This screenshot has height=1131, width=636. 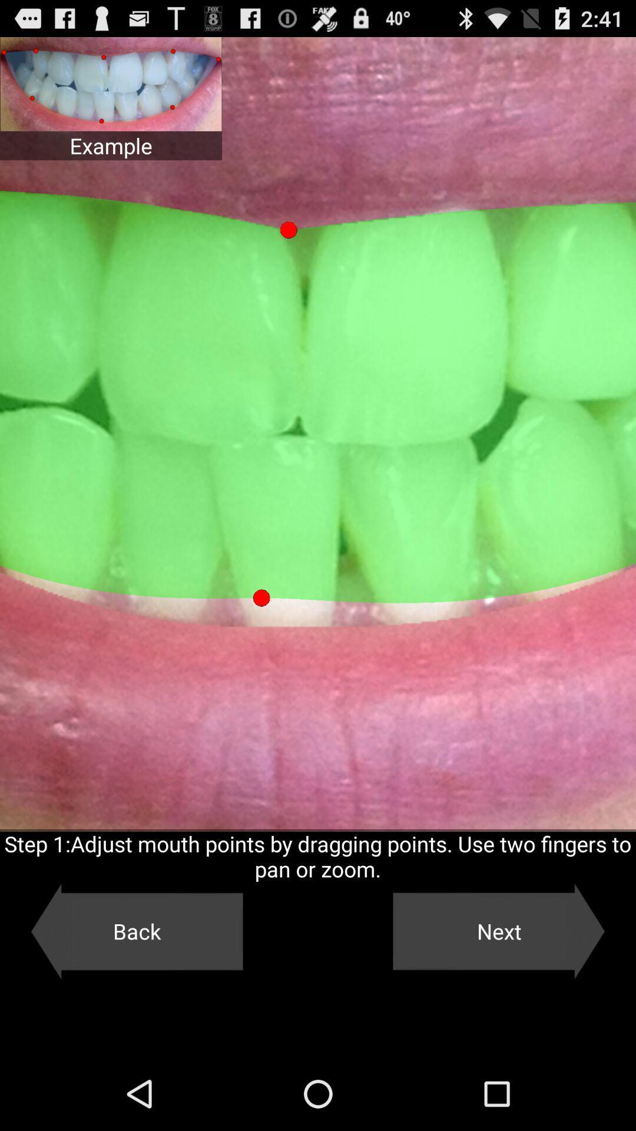 I want to click on item next to next item, so click(x=136, y=931).